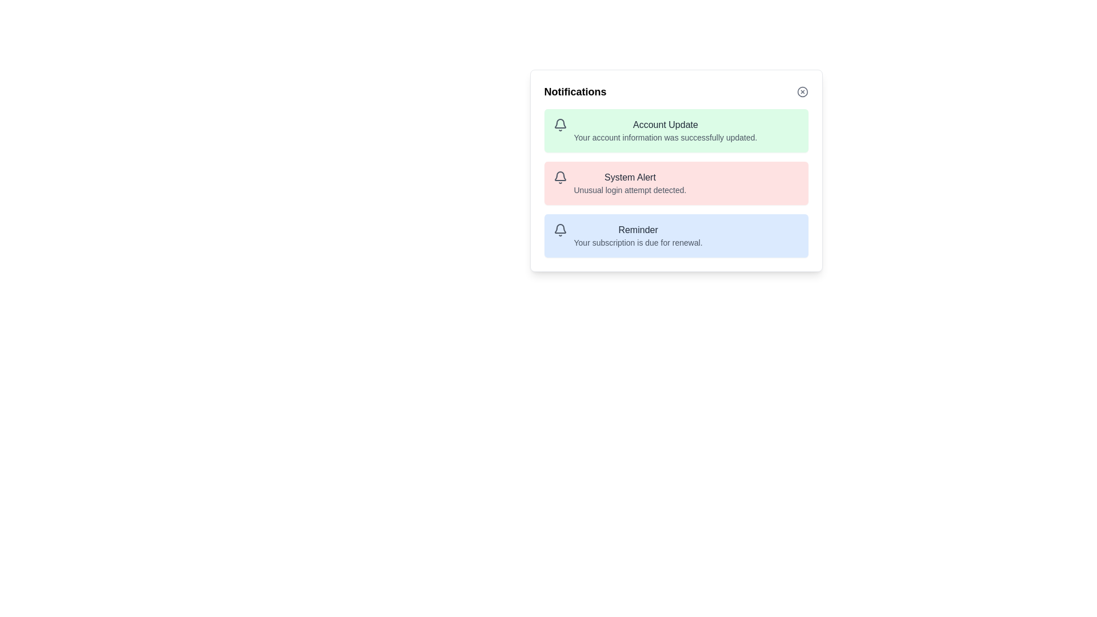 Image resolution: width=1097 pixels, height=617 pixels. Describe the element at coordinates (638, 235) in the screenshot. I see `Notification text block that displays 'Reminder' and 'Your subscription is due for renewal.' positioned below the pink 'System Alert' bar` at that location.